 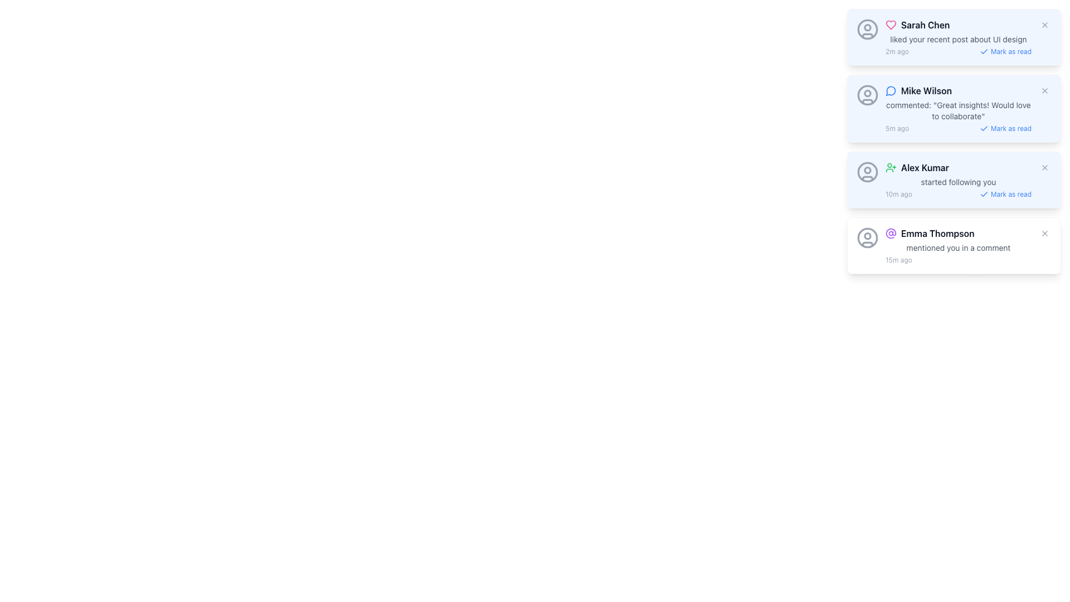 I want to click on the circular user icon for 'Mike Wilson' located at the top-left corner of the notification card, so click(x=867, y=94).